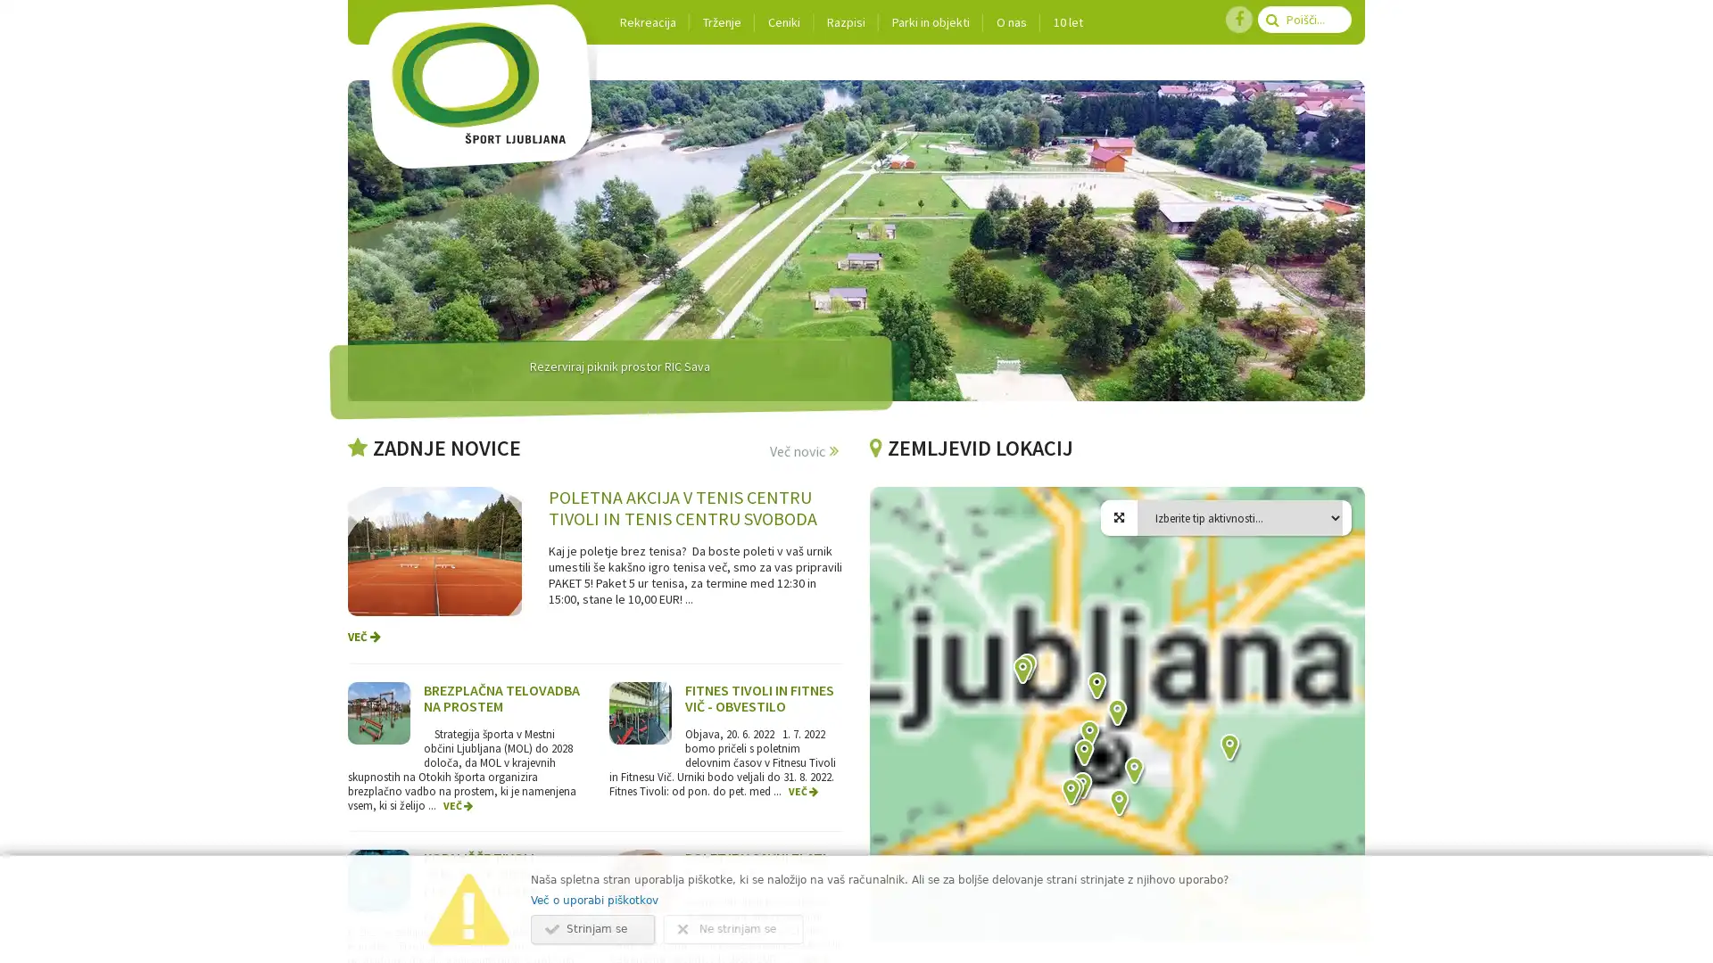 The height and width of the screenshot is (963, 1713). I want to click on Kako do nas?, so click(1132, 771).